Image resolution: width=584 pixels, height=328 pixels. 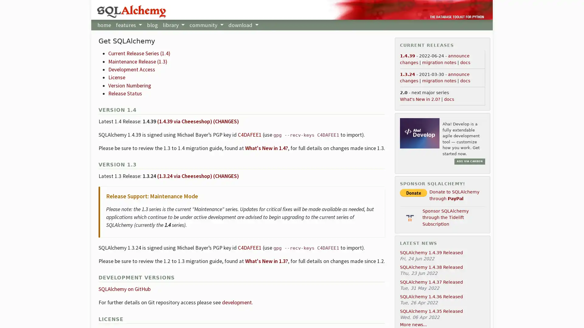 What do you see at coordinates (206, 25) in the screenshot?
I see `community` at bounding box center [206, 25].